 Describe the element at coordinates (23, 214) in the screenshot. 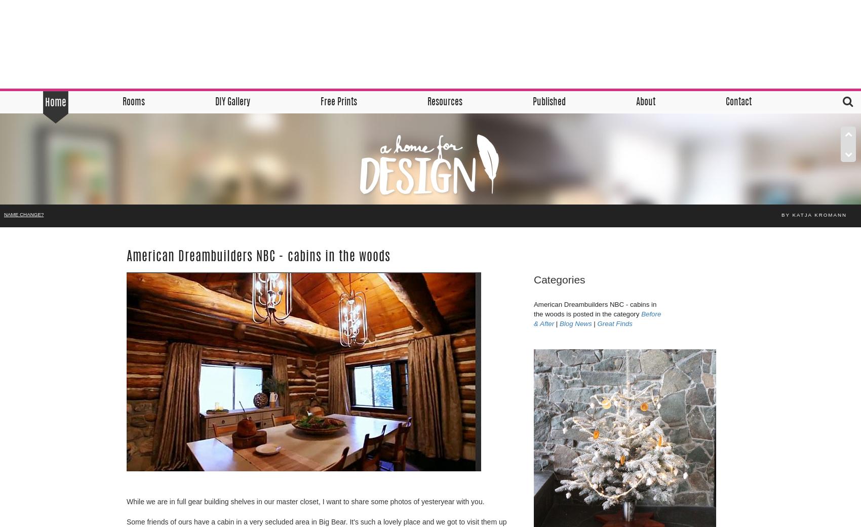

I see `'Name Change?'` at that location.